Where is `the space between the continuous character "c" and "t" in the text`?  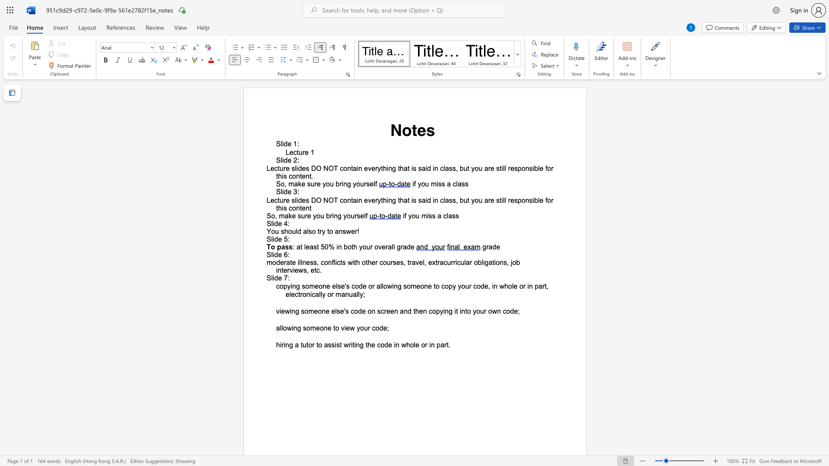
the space between the continuous character "c" and "t" in the text is located at coordinates (277, 200).